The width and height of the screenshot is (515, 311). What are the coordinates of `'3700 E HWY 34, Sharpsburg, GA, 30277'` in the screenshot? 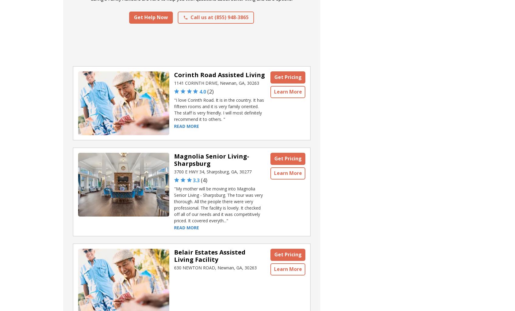 It's located at (213, 171).